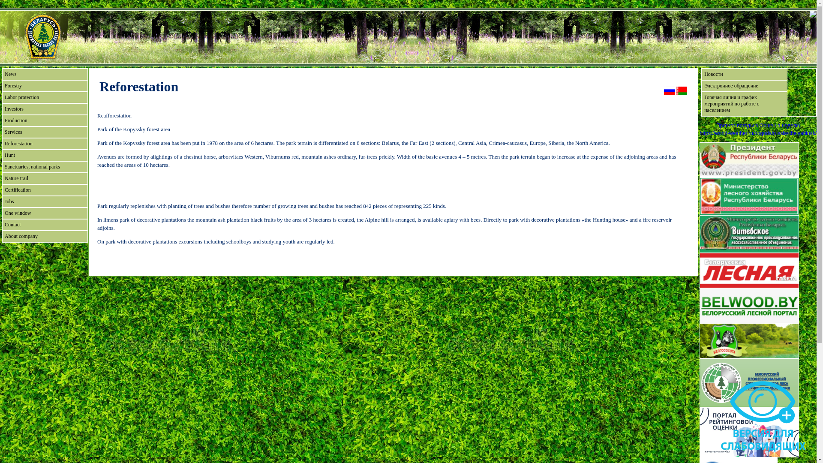 This screenshot has height=463, width=823. I want to click on 'About company', so click(45, 236).